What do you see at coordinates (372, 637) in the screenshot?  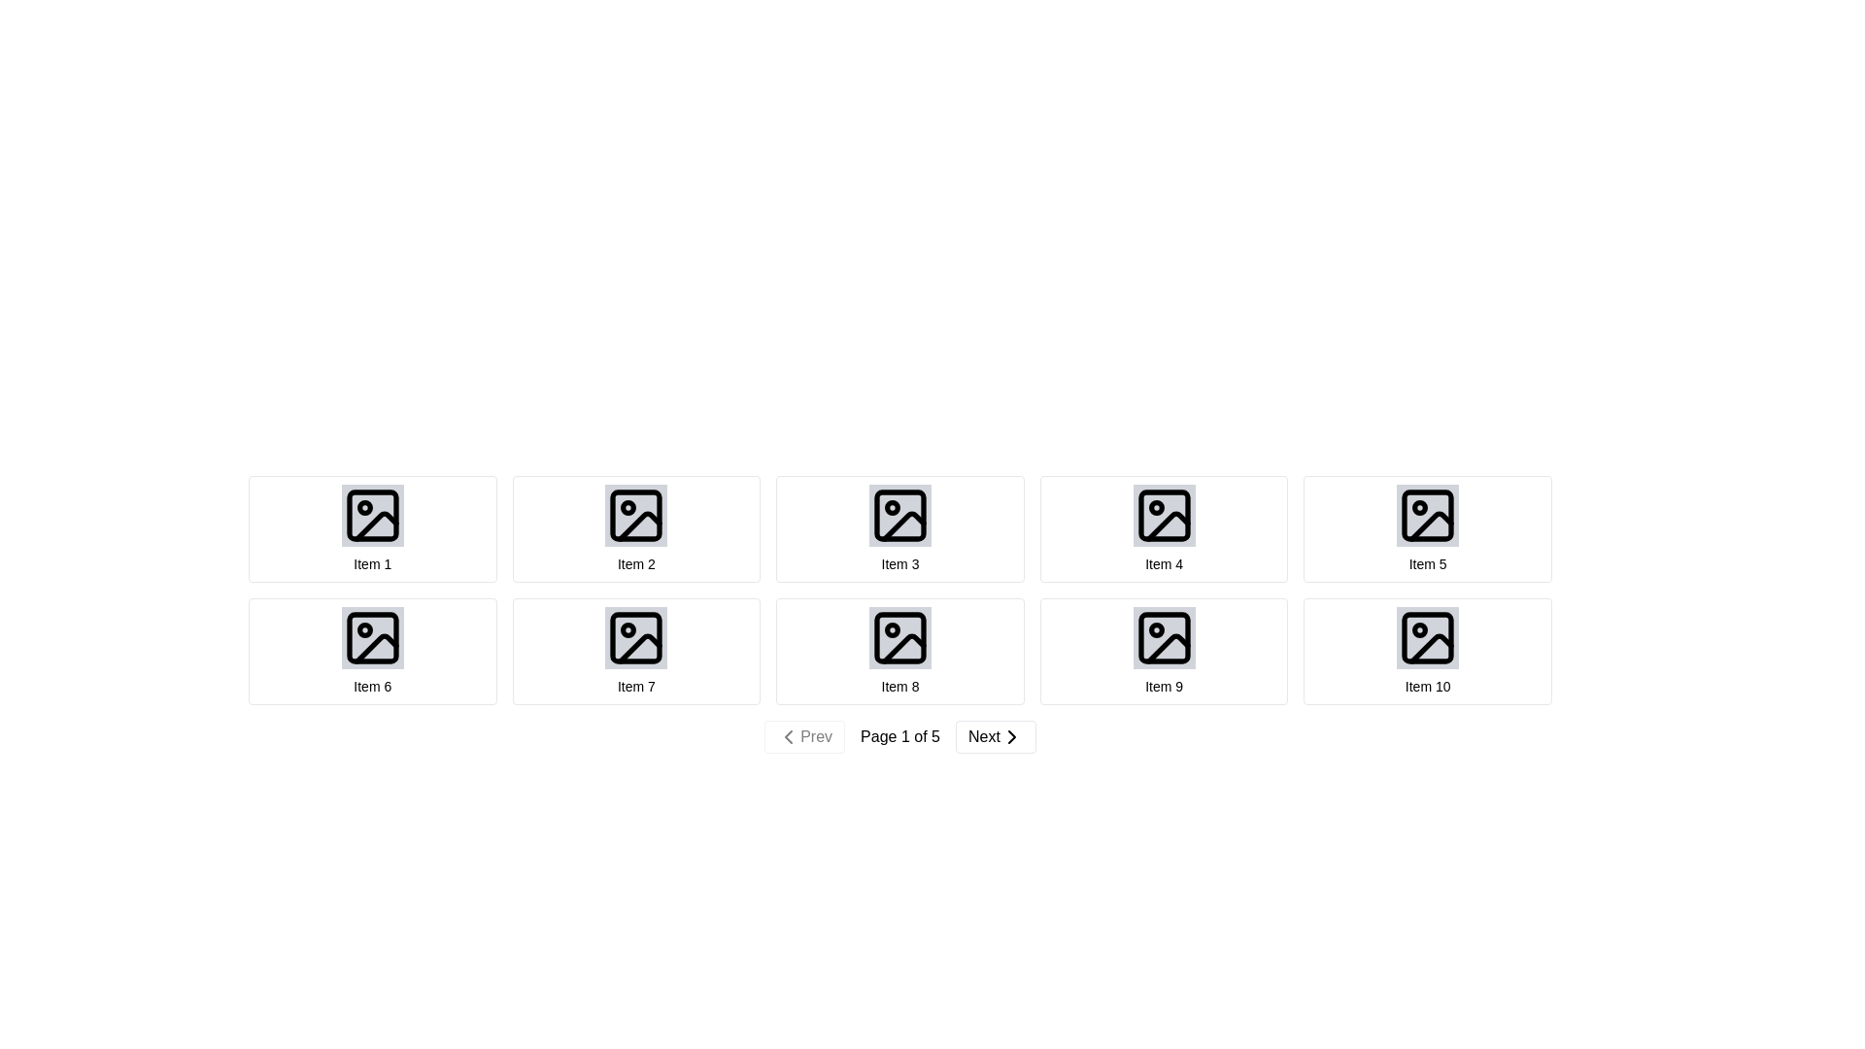 I see `the image icon located in the 'Item 6' cell of the grid, situated in the second row and first column` at bounding box center [372, 637].